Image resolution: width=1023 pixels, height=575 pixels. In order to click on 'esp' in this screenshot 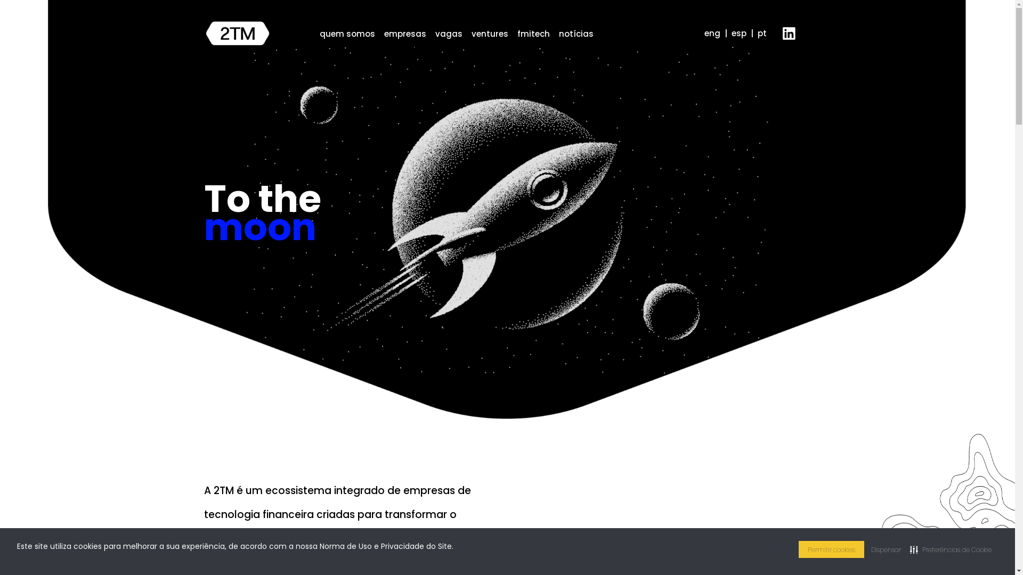, I will do `click(730, 32)`.